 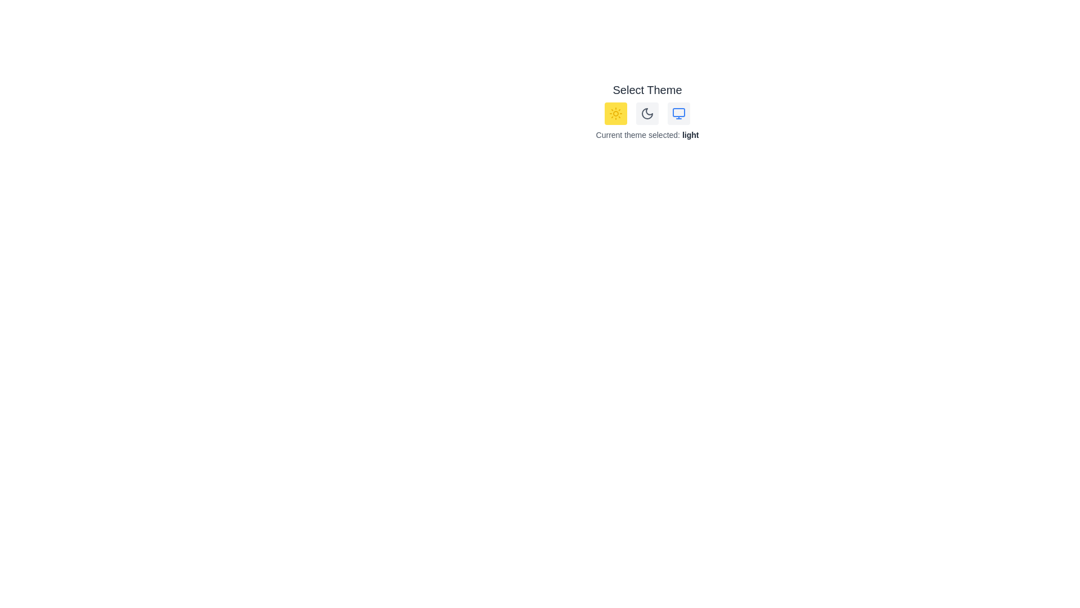 What do you see at coordinates (647, 113) in the screenshot?
I see `the 'Moon' button to select the dark theme` at bounding box center [647, 113].